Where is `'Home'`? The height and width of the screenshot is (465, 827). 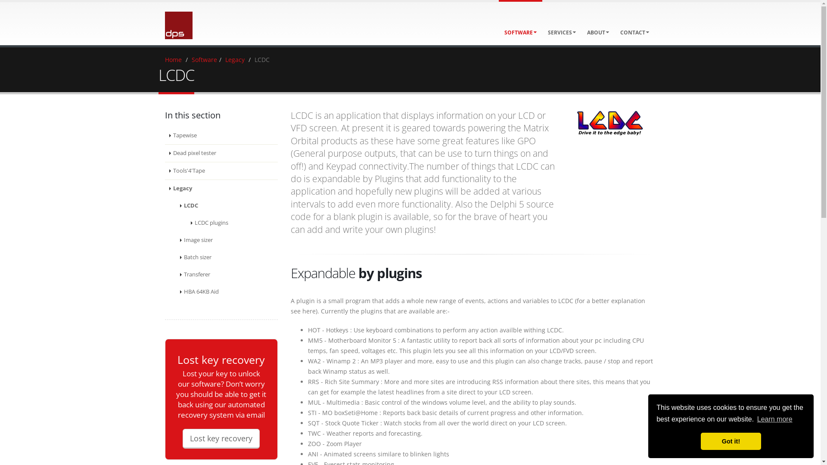
'Home' is located at coordinates (165, 59).